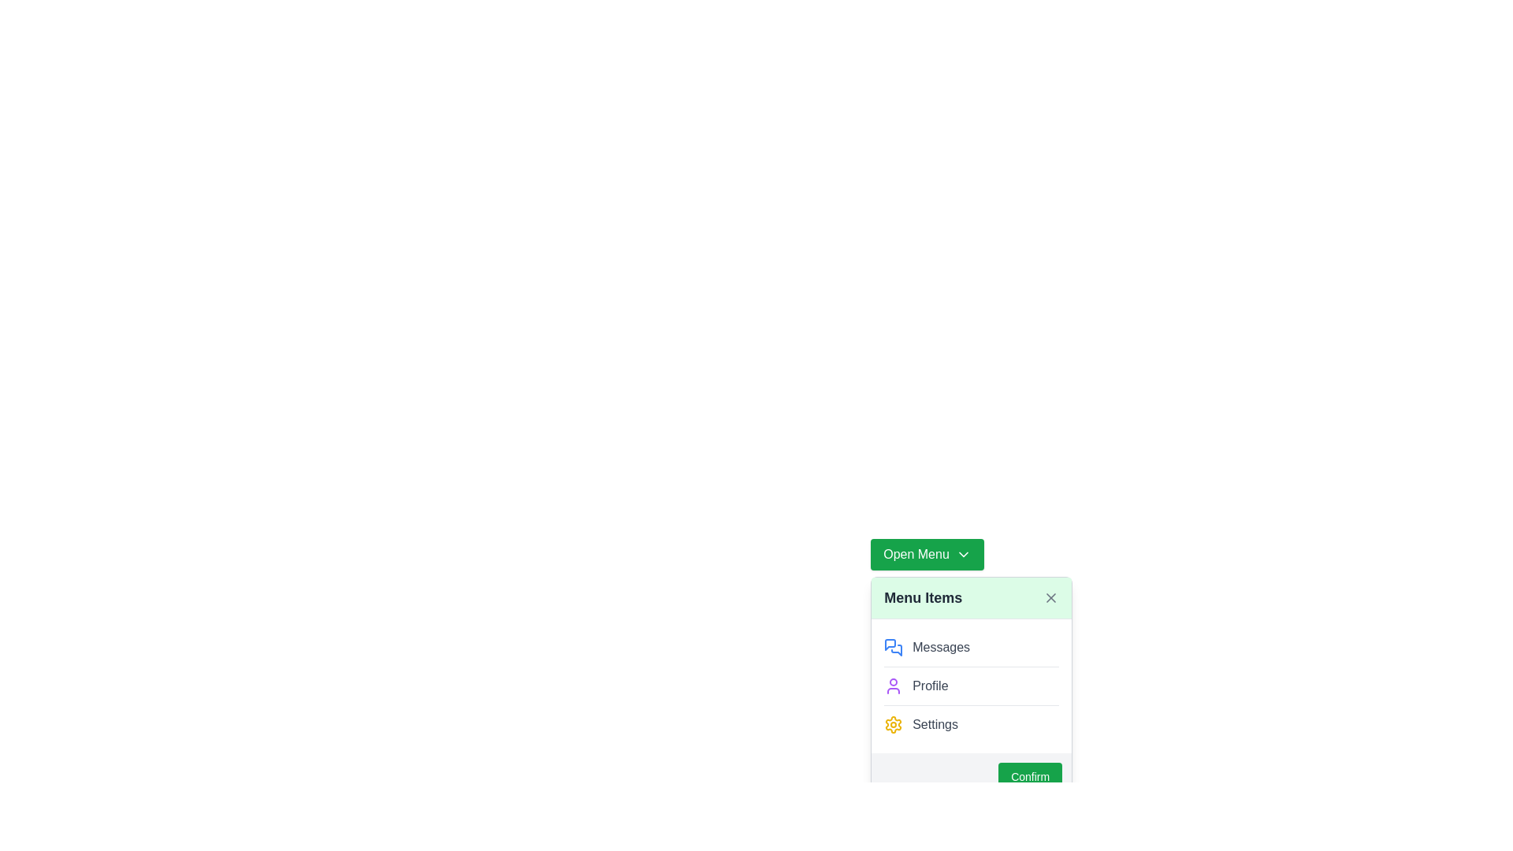 This screenshot has width=1513, height=851. I want to click on the 'Open Menu' button with a green background and white text to see context options, so click(927, 554).